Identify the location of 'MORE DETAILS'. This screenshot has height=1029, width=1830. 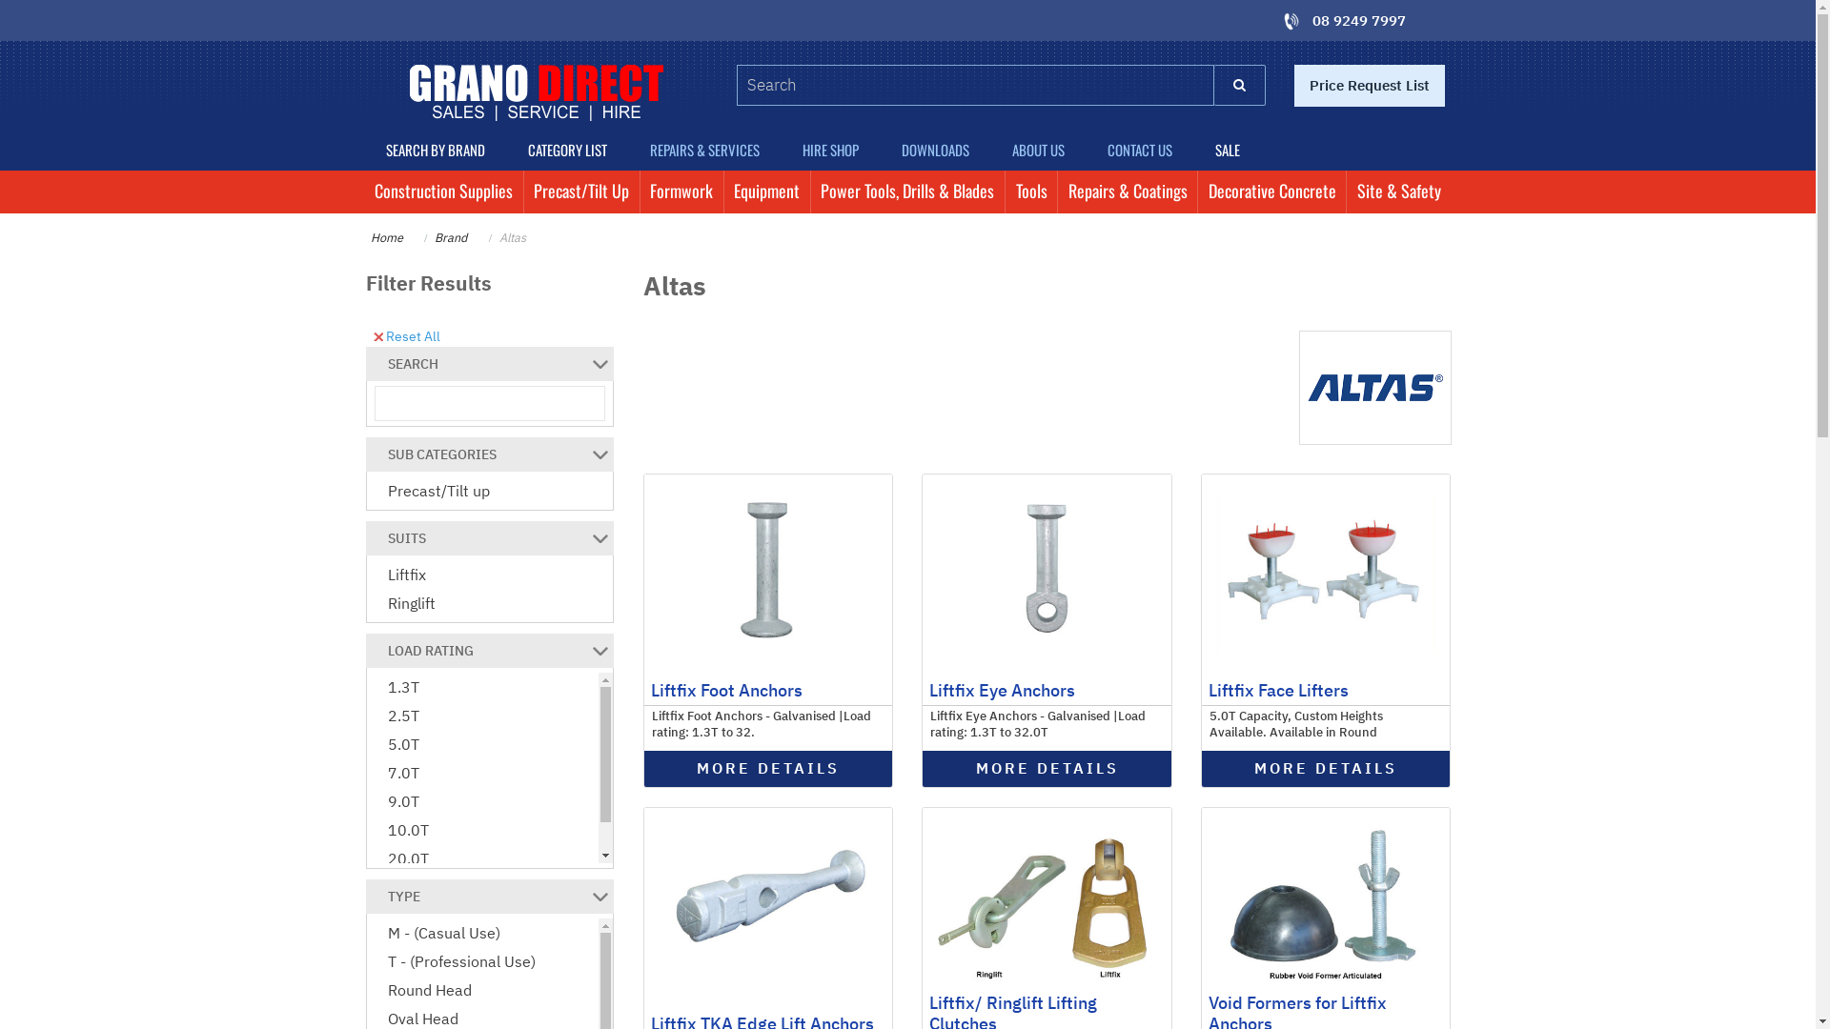
(923, 767).